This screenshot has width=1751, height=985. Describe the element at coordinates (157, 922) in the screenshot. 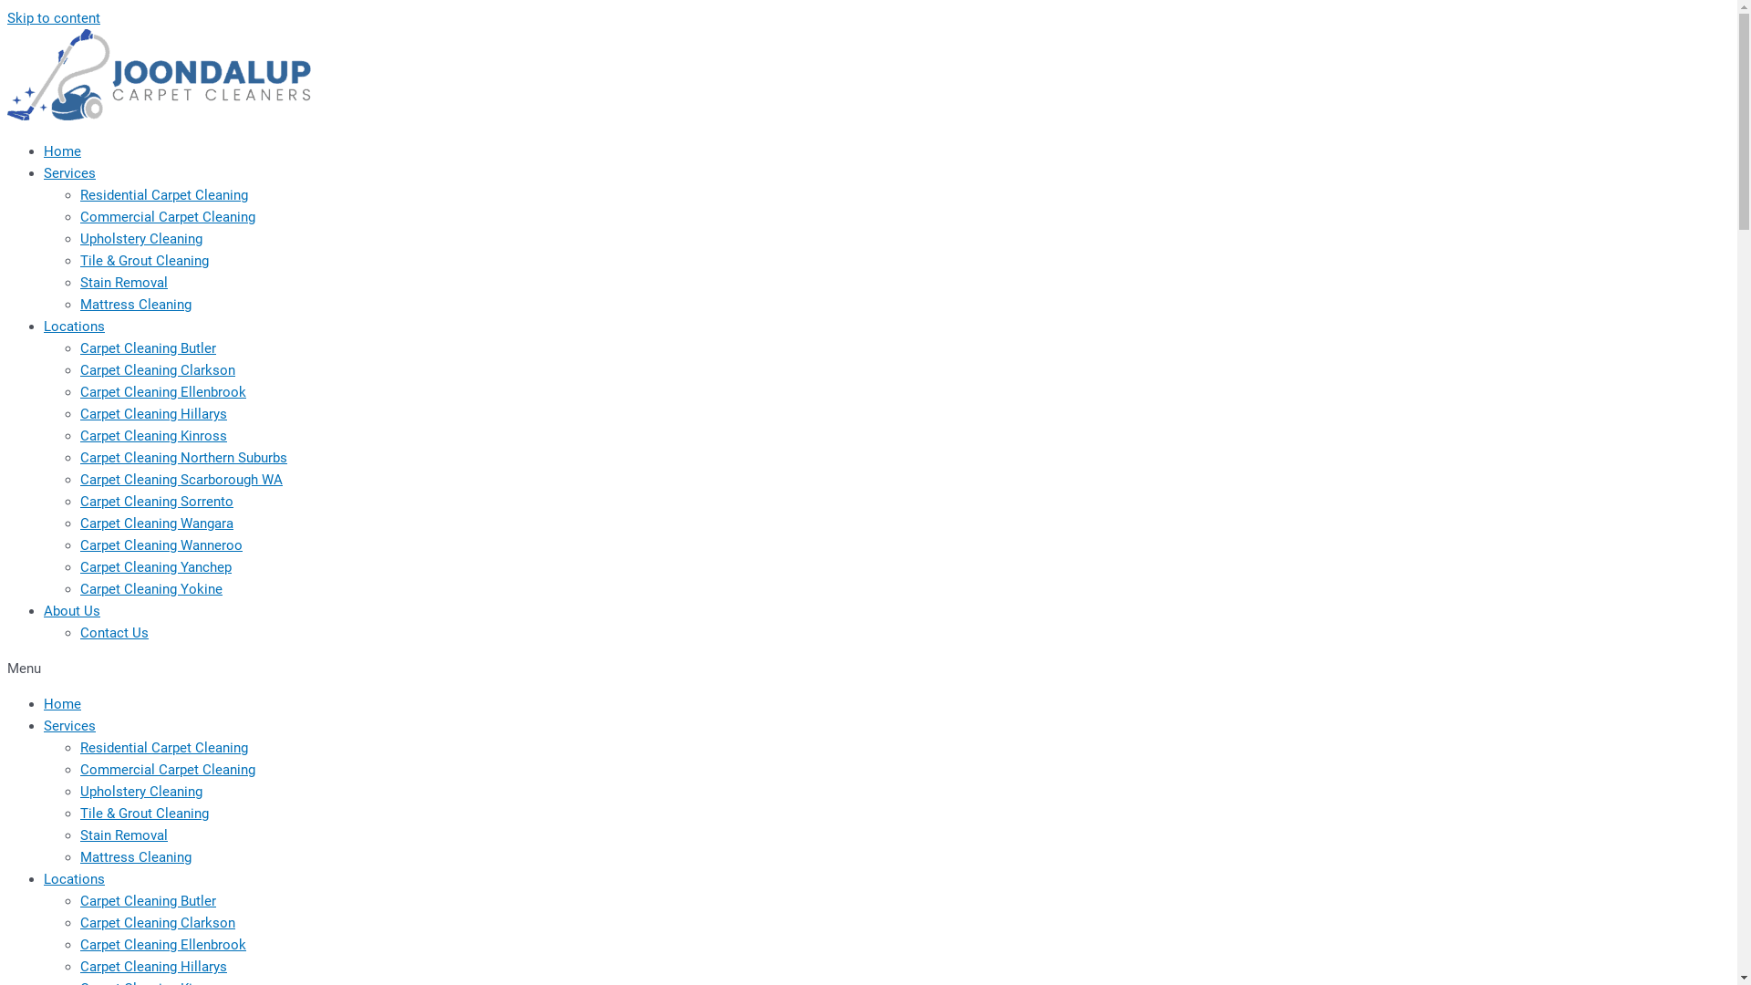

I see `'Carpet Cleaning Clarkson'` at that location.